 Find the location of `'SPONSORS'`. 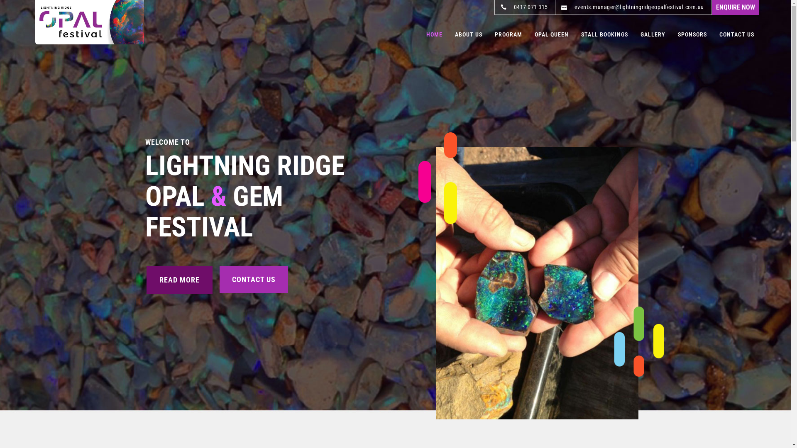

'SPONSORS' is located at coordinates (692, 34).